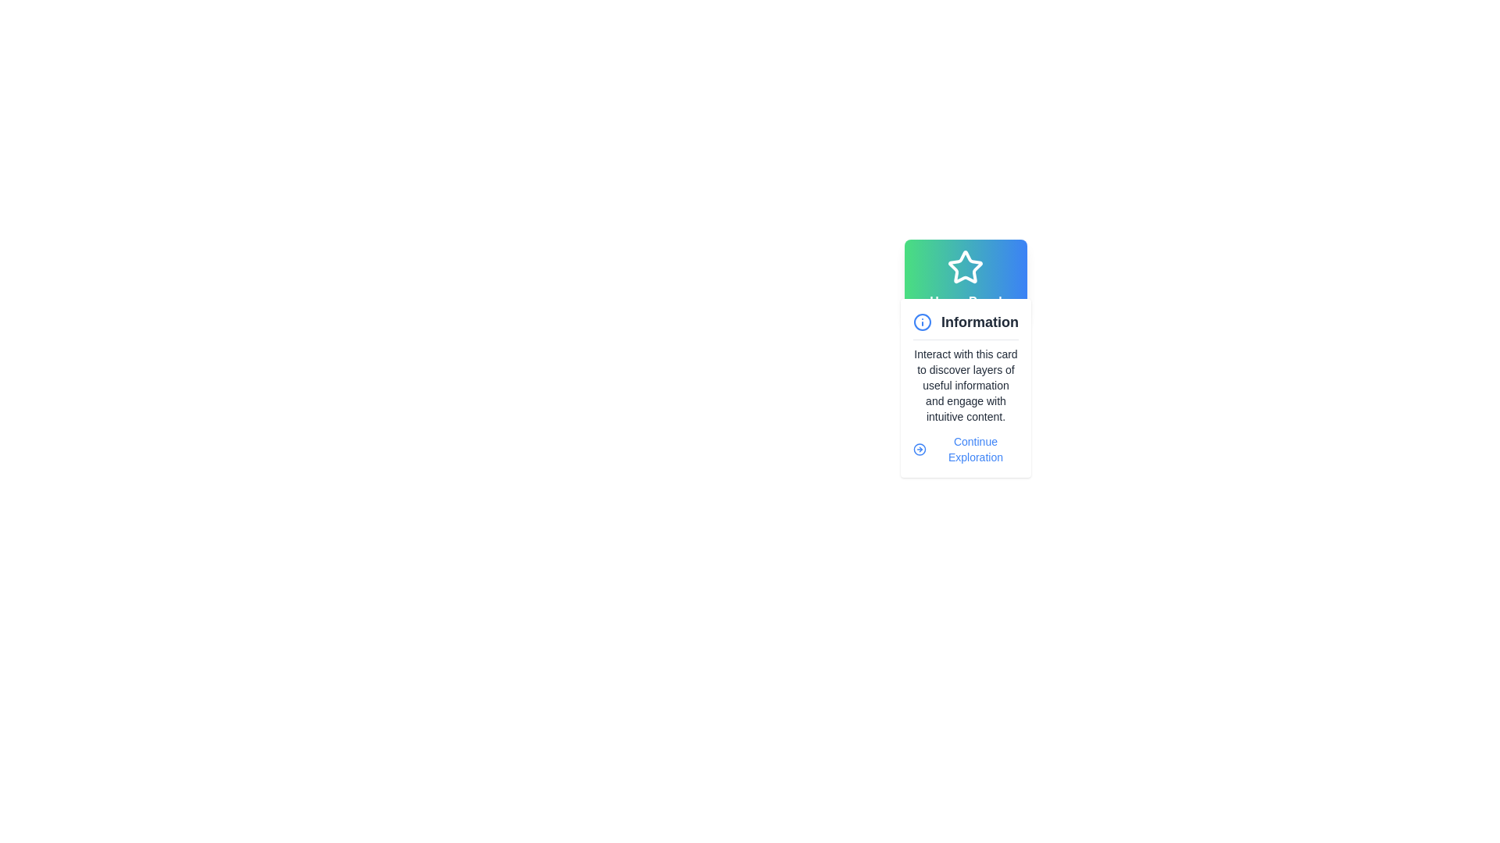  What do you see at coordinates (965, 449) in the screenshot?
I see `the navigational link at the bottom of the card structure` at bounding box center [965, 449].